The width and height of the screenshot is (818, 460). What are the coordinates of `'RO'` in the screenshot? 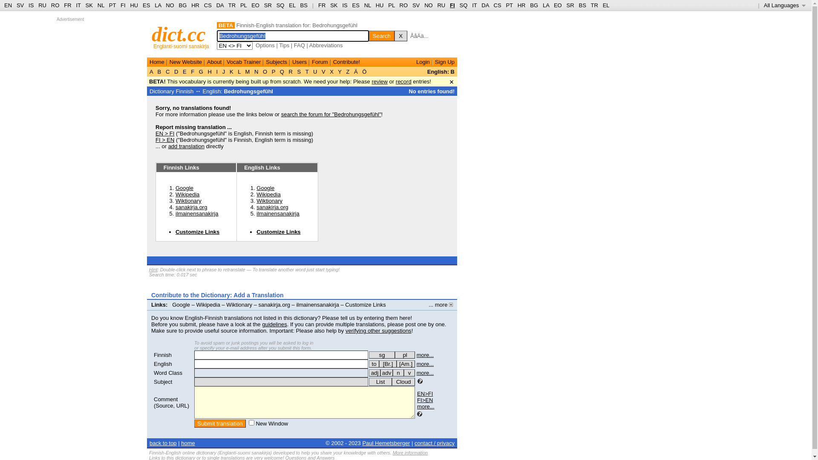 It's located at (403, 5).